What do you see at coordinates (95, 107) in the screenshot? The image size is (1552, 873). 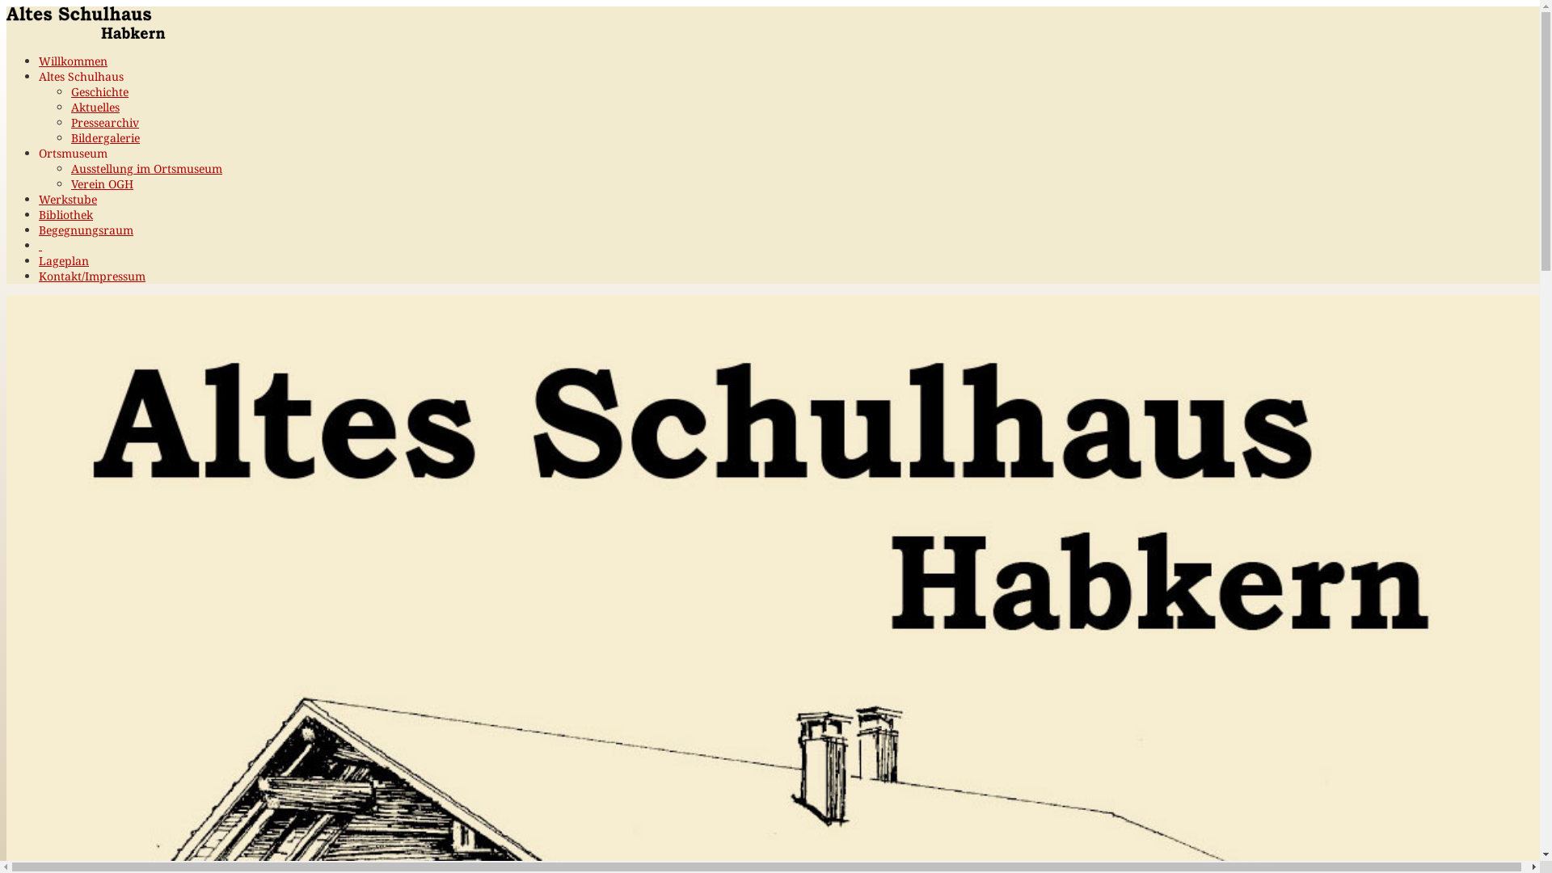 I see `'Aktuelles'` at bounding box center [95, 107].